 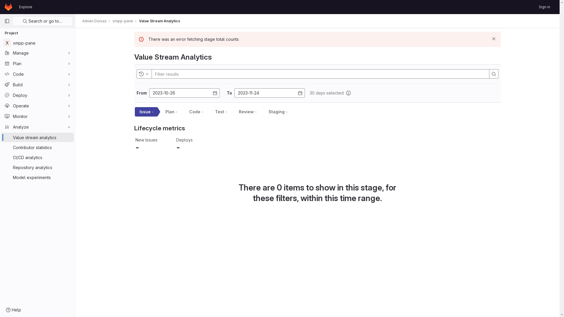 What do you see at coordinates (37, 177) in the screenshot?
I see `'Model experiments'` at bounding box center [37, 177].